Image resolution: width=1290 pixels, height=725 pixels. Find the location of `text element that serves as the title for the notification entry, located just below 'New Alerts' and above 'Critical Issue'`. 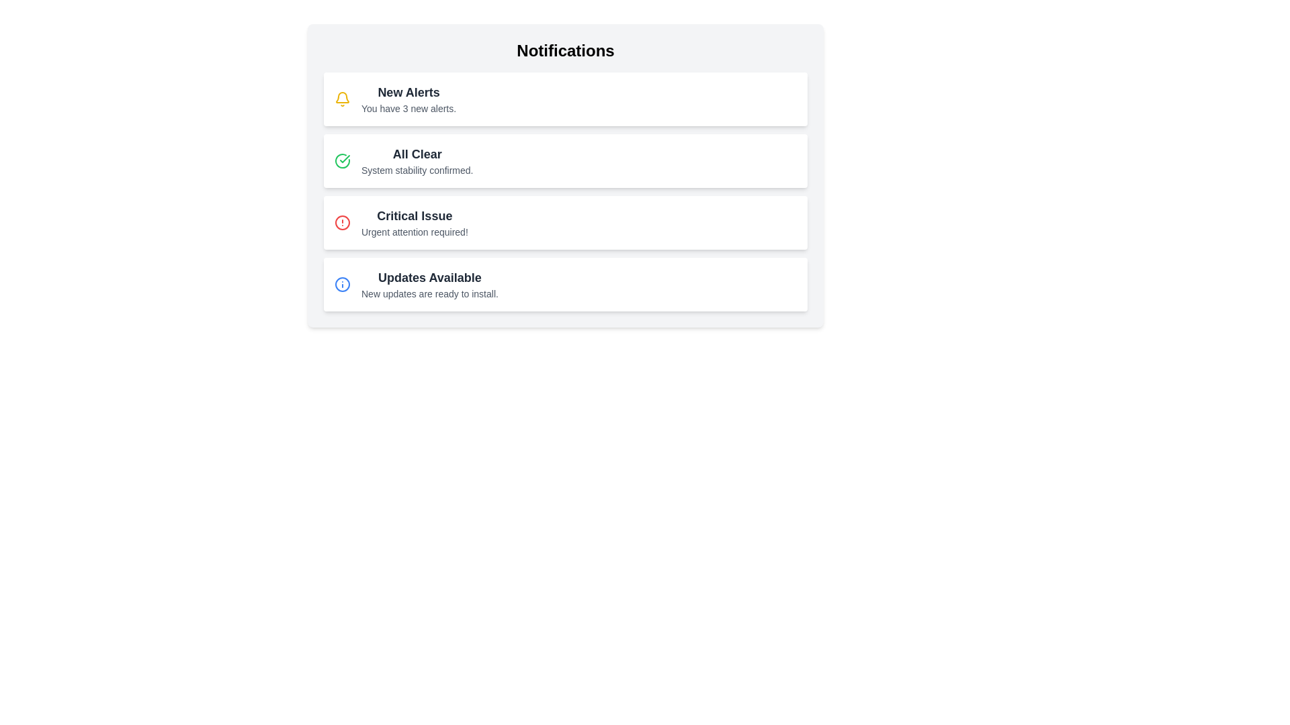

text element that serves as the title for the notification entry, located just below 'New Alerts' and above 'Critical Issue' is located at coordinates (417, 154).